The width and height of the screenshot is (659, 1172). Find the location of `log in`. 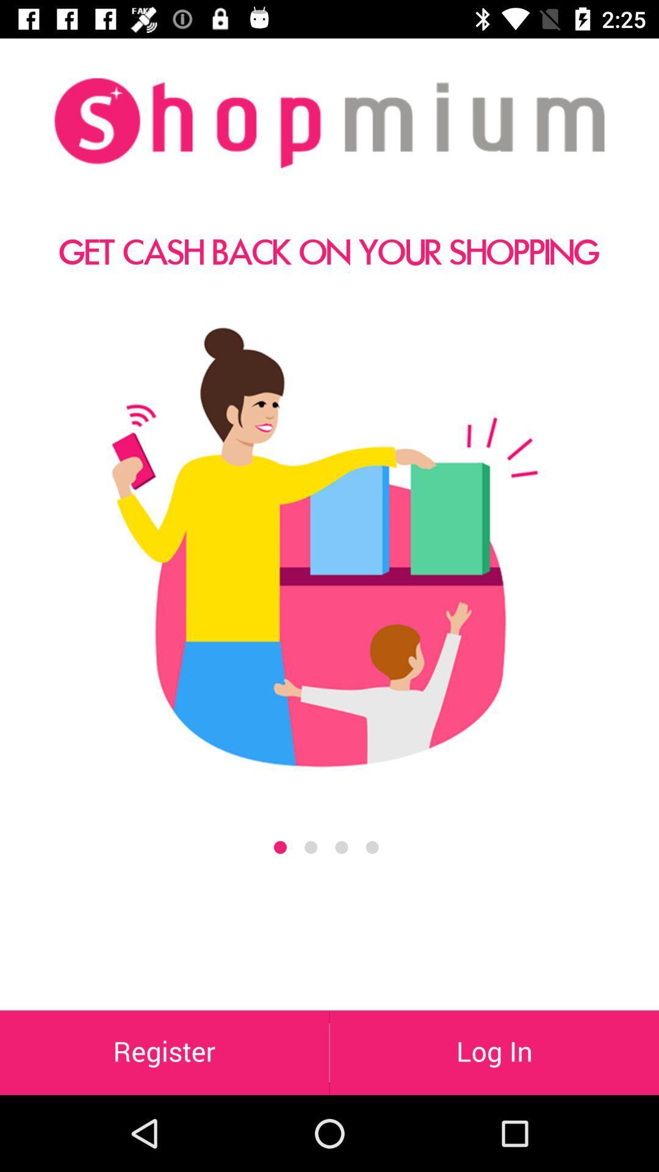

log in is located at coordinates (494, 1052).